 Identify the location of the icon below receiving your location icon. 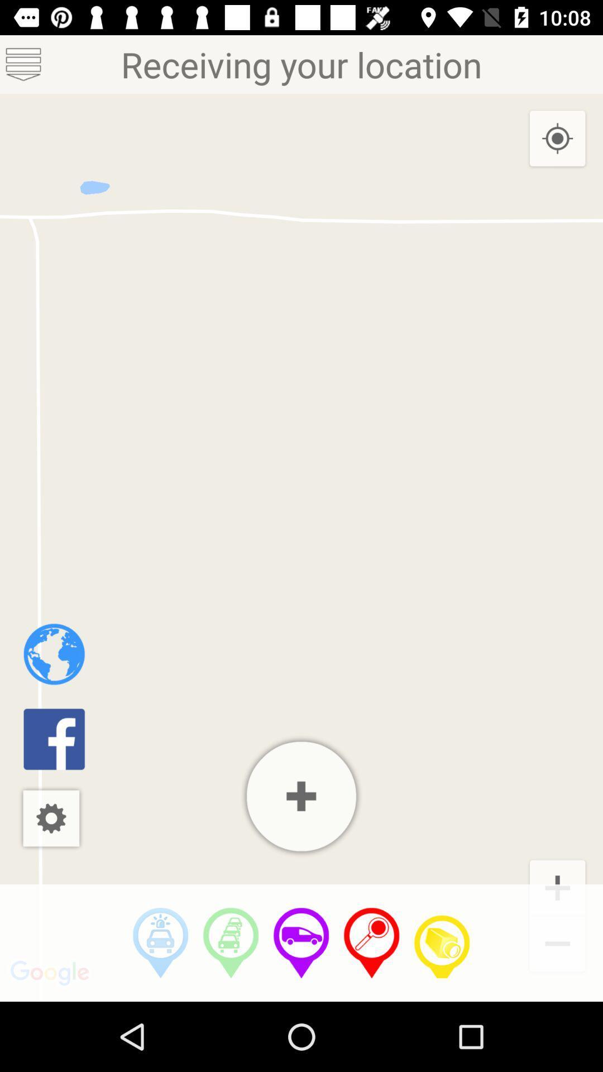
(161, 942).